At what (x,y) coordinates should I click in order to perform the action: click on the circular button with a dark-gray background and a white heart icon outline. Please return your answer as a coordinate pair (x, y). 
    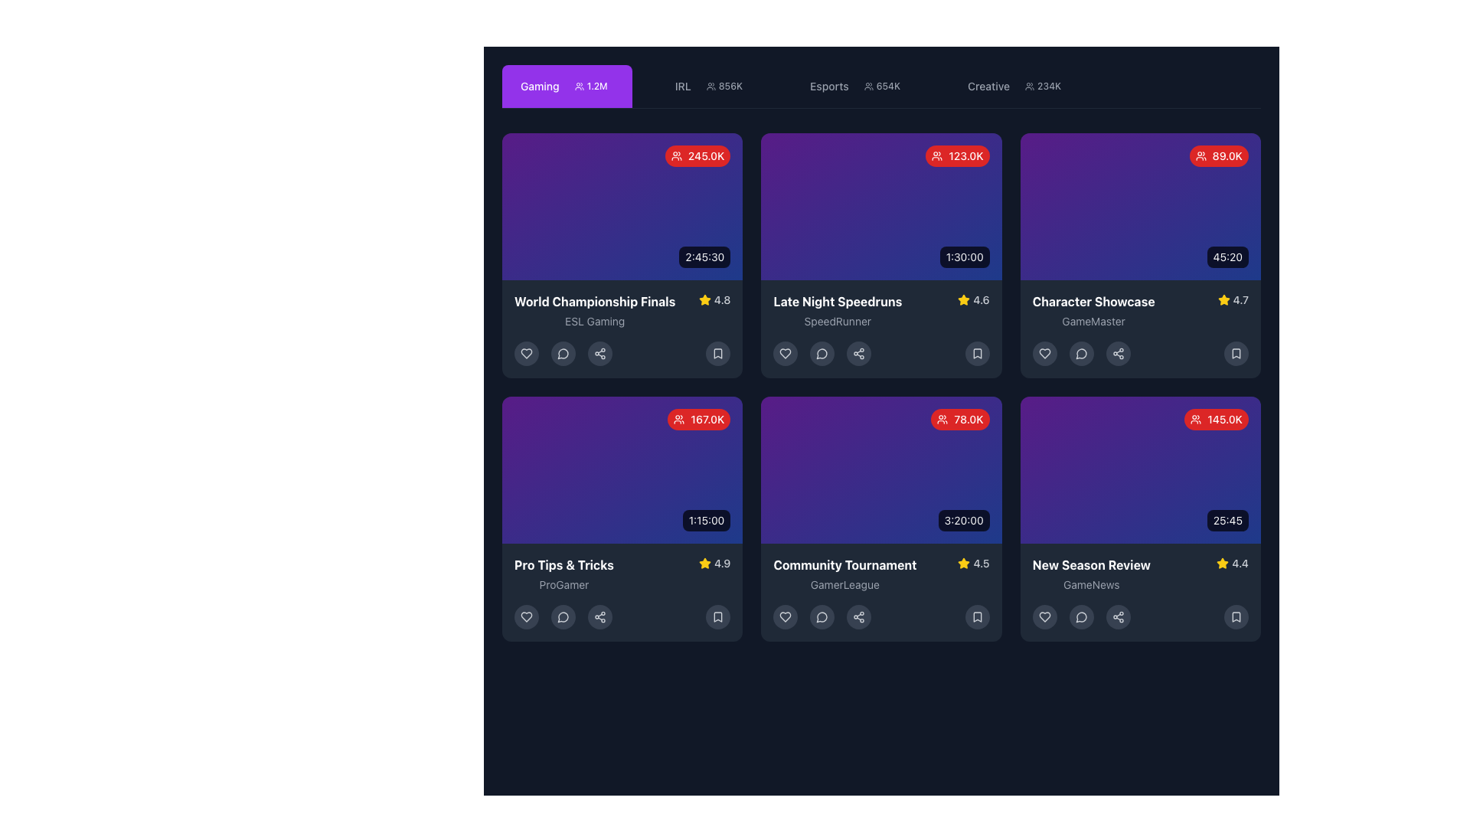
    Looking at the image, I should click on (526, 354).